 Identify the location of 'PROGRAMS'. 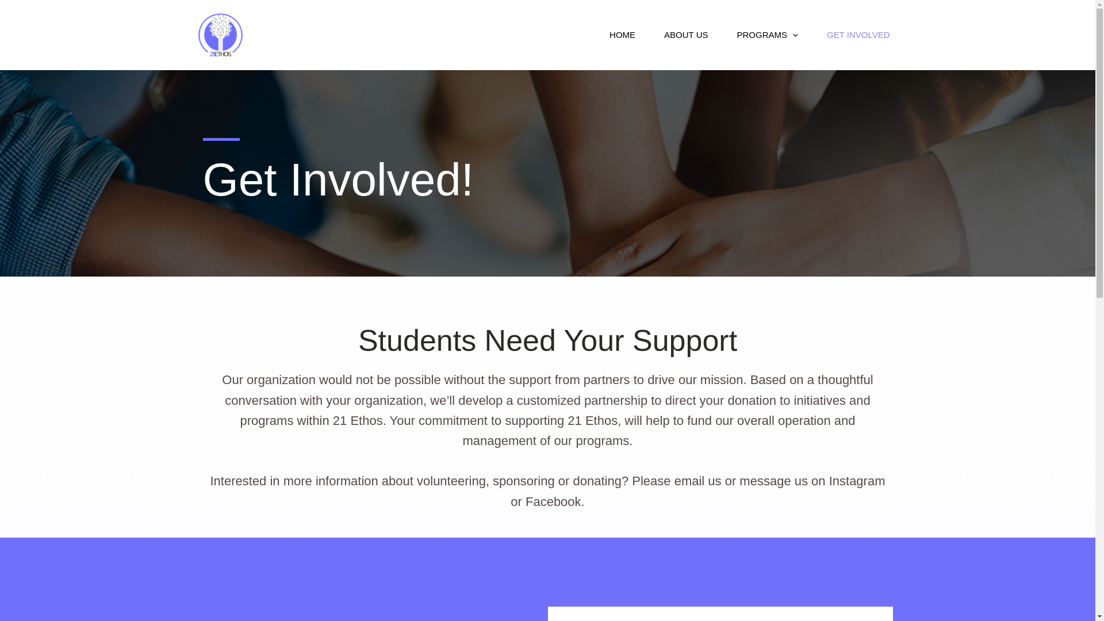
(767, 34).